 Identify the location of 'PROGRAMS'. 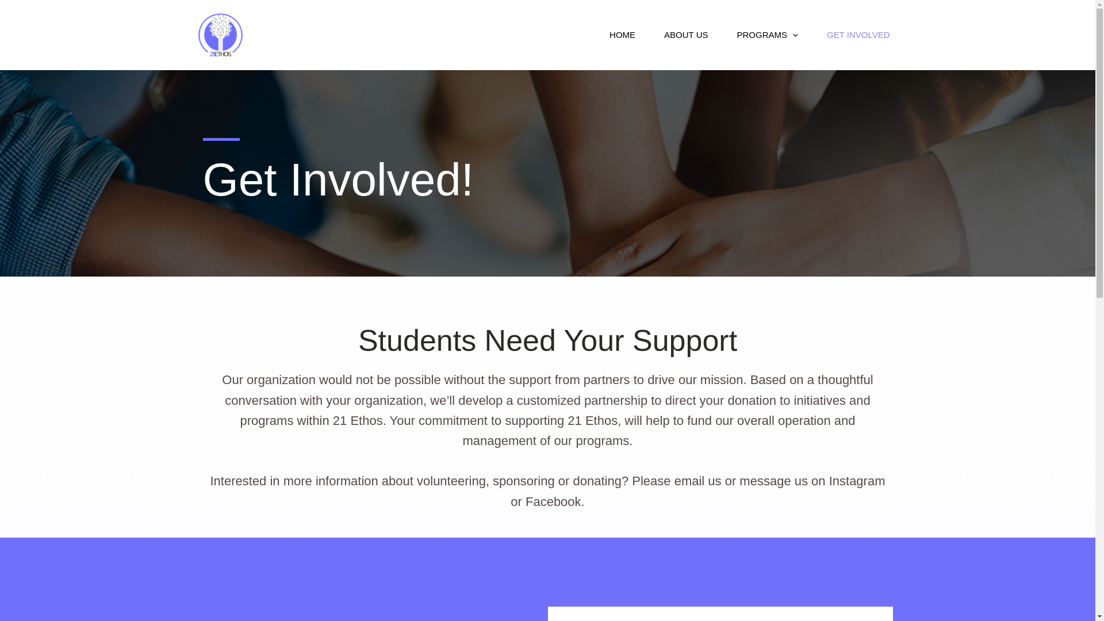
(767, 34).